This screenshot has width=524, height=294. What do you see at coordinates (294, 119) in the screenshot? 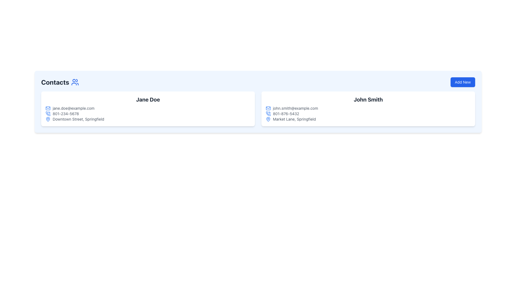
I see `text content 'Market Lane, Springfield', which is located in the right panel of the interface under contact details for 'John Smith' and follows a phone number field` at bounding box center [294, 119].